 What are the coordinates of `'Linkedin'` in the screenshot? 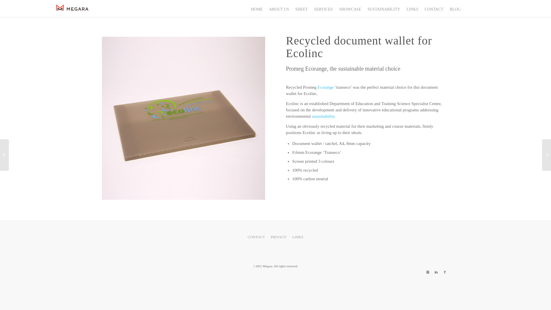 It's located at (436, 272).